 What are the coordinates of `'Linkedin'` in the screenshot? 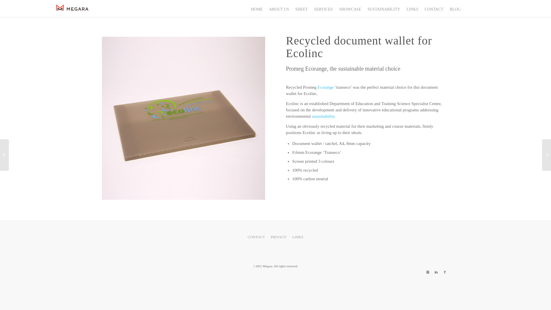 It's located at (436, 272).